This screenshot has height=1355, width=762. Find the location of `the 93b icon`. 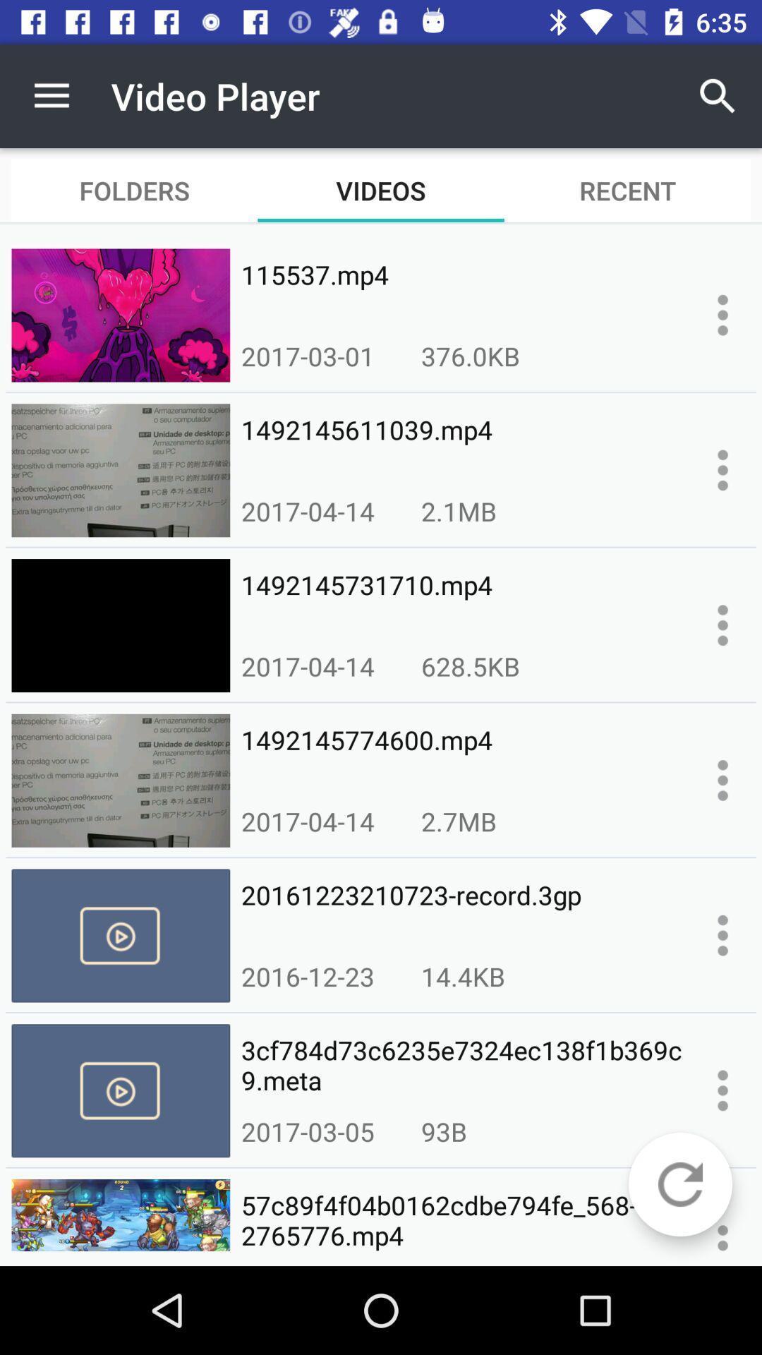

the 93b icon is located at coordinates (443, 1131).